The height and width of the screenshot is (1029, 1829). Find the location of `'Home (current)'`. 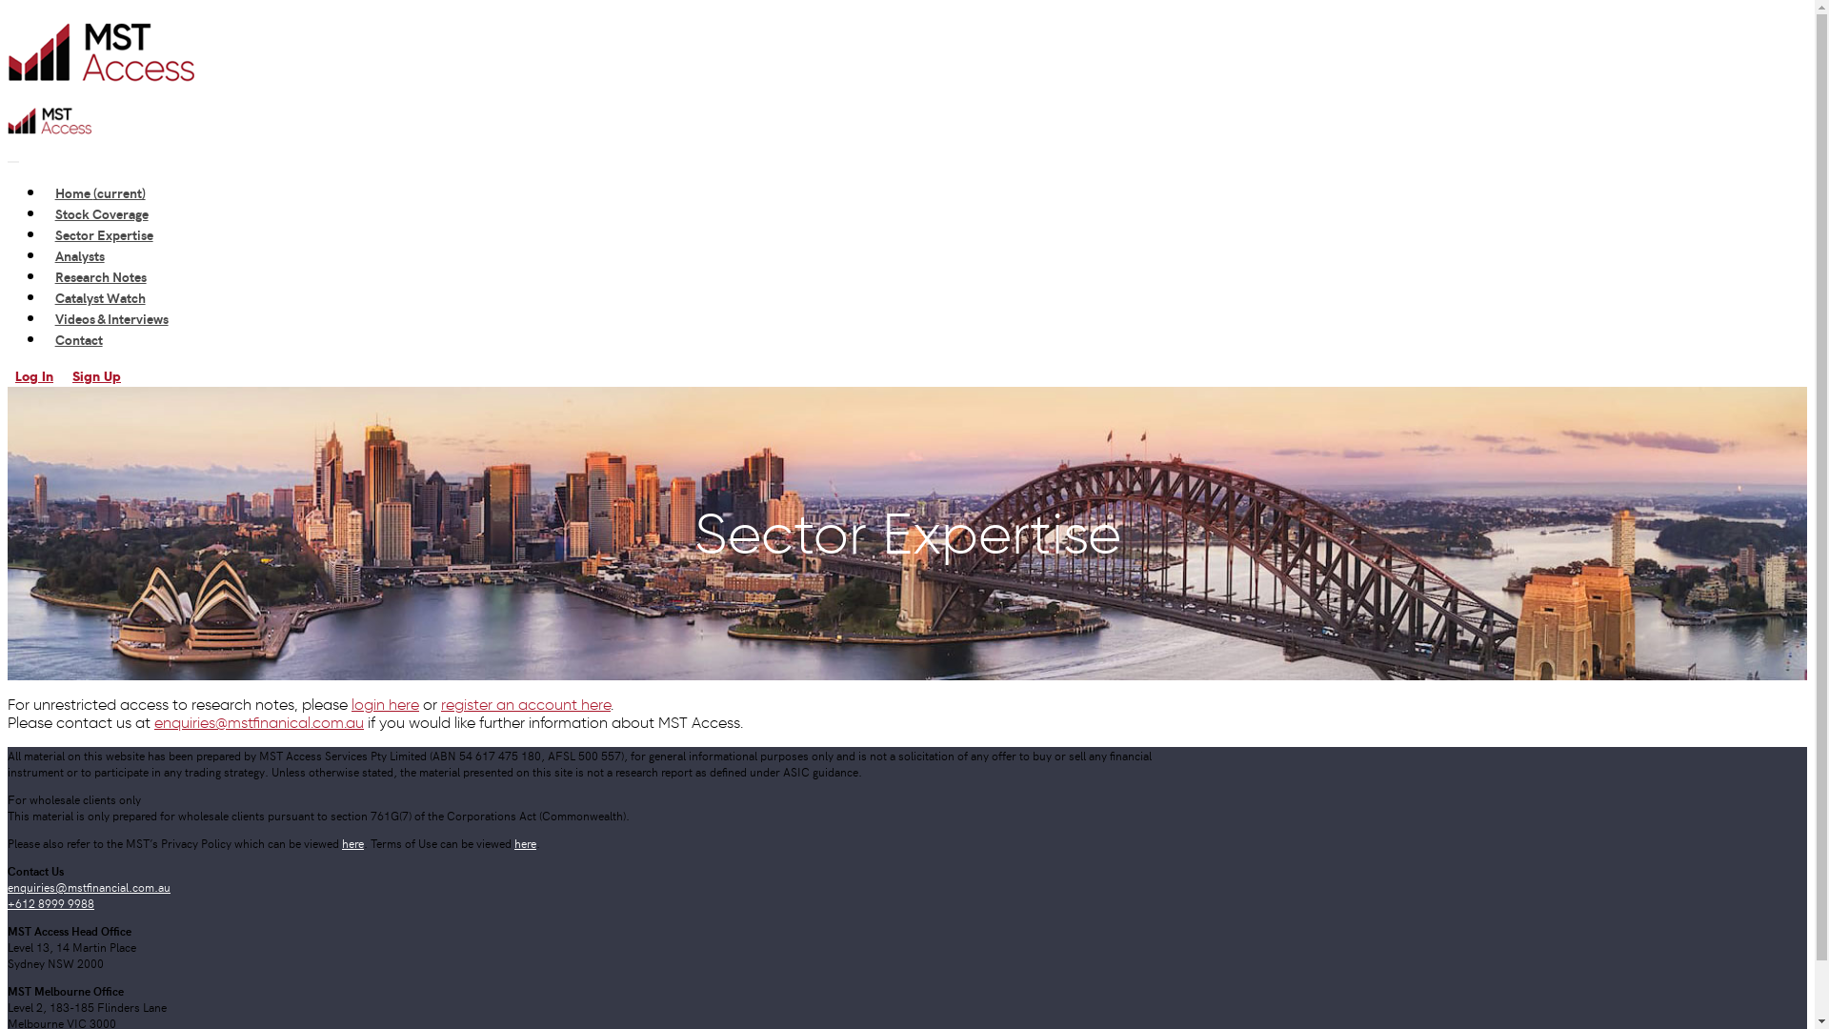

'Home (current)' is located at coordinates (99, 192).